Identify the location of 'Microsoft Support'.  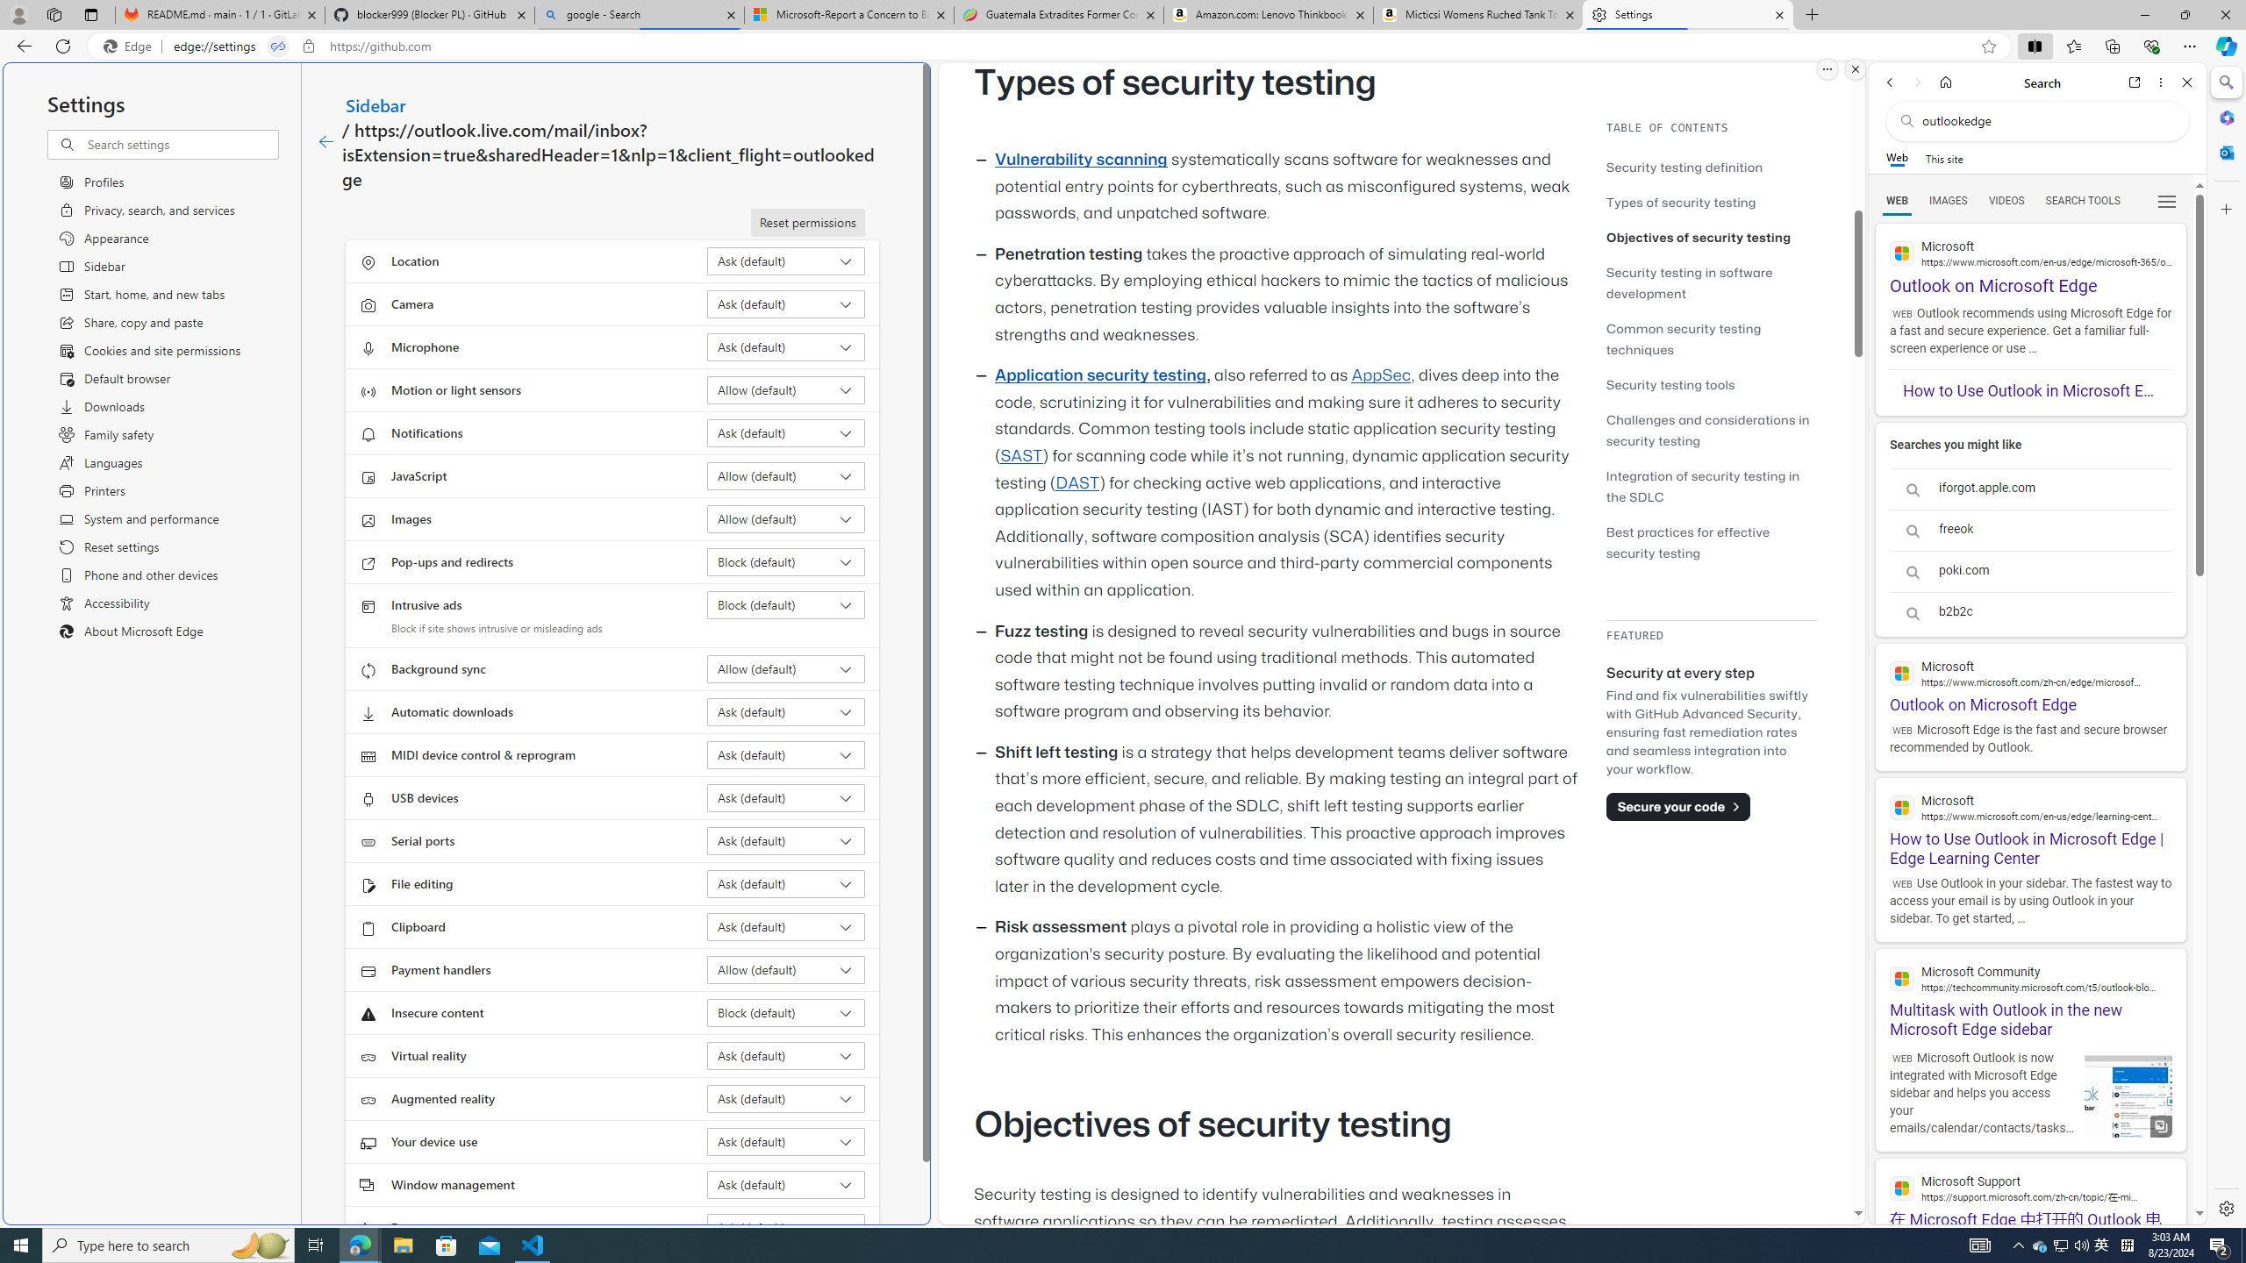
(2030, 1187).